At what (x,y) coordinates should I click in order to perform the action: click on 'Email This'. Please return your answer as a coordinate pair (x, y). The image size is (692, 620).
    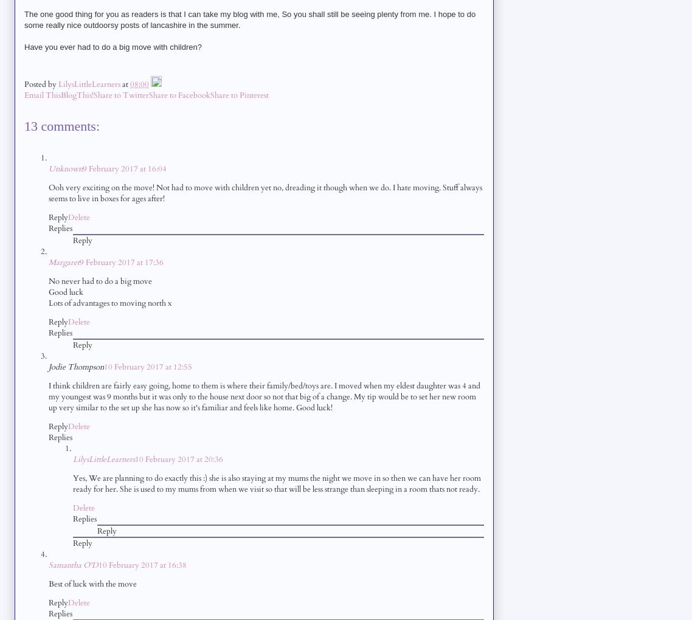
    Looking at the image, I should click on (41, 95).